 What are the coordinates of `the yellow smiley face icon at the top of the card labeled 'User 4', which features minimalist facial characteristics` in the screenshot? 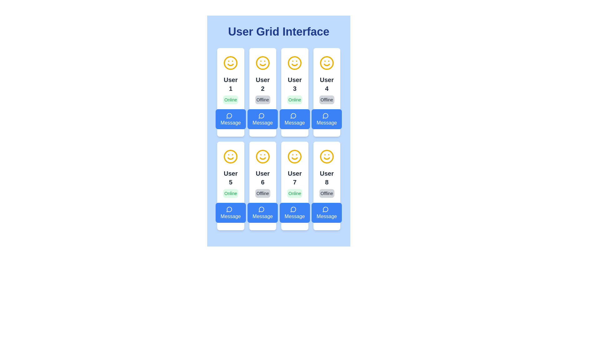 It's located at (326, 63).